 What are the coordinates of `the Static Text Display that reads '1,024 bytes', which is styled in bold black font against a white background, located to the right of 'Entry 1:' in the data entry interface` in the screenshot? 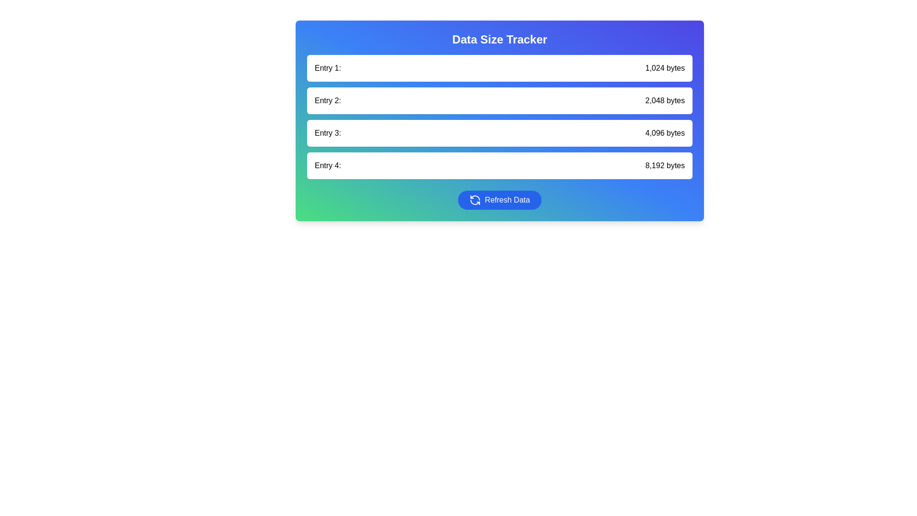 It's located at (664, 67).